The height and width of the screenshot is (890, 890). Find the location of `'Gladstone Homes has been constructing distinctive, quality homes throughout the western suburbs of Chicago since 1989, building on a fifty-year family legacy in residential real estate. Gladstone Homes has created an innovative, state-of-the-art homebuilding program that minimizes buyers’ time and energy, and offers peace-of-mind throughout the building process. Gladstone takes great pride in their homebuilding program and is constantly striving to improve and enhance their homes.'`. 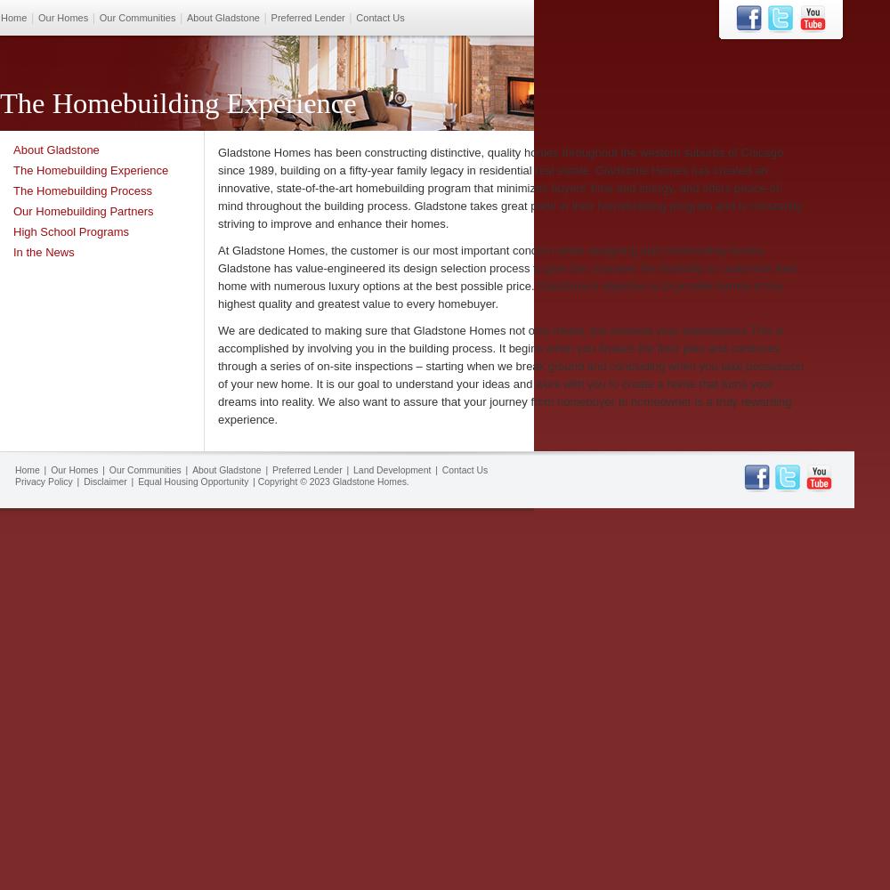

'Gladstone Homes has been constructing distinctive, quality homes throughout the western suburbs of Chicago since 1989, building on a fifty-year family legacy in residential real estate. Gladstone Homes has created an innovative, state-of-the-art homebuilding program that minimizes buyers’ time and energy, and offers peace-of-mind throughout the building process. Gladstone takes great pride in their homebuilding program and is constantly striving to improve and enhance their homes.' is located at coordinates (509, 187).